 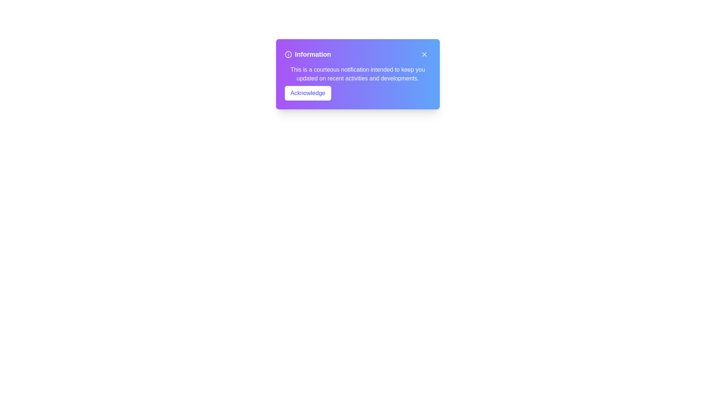 What do you see at coordinates (424, 54) in the screenshot?
I see `the close button to close the snackbar` at bounding box center [424, 54].